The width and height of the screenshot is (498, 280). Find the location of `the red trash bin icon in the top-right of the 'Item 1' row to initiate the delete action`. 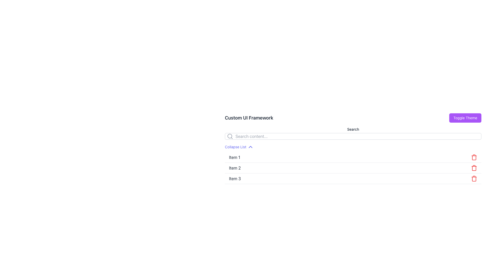

the red trash bin icon in the top-right of the 'Item 1' row to initiate the delete action is located at coordinates (474, 157).